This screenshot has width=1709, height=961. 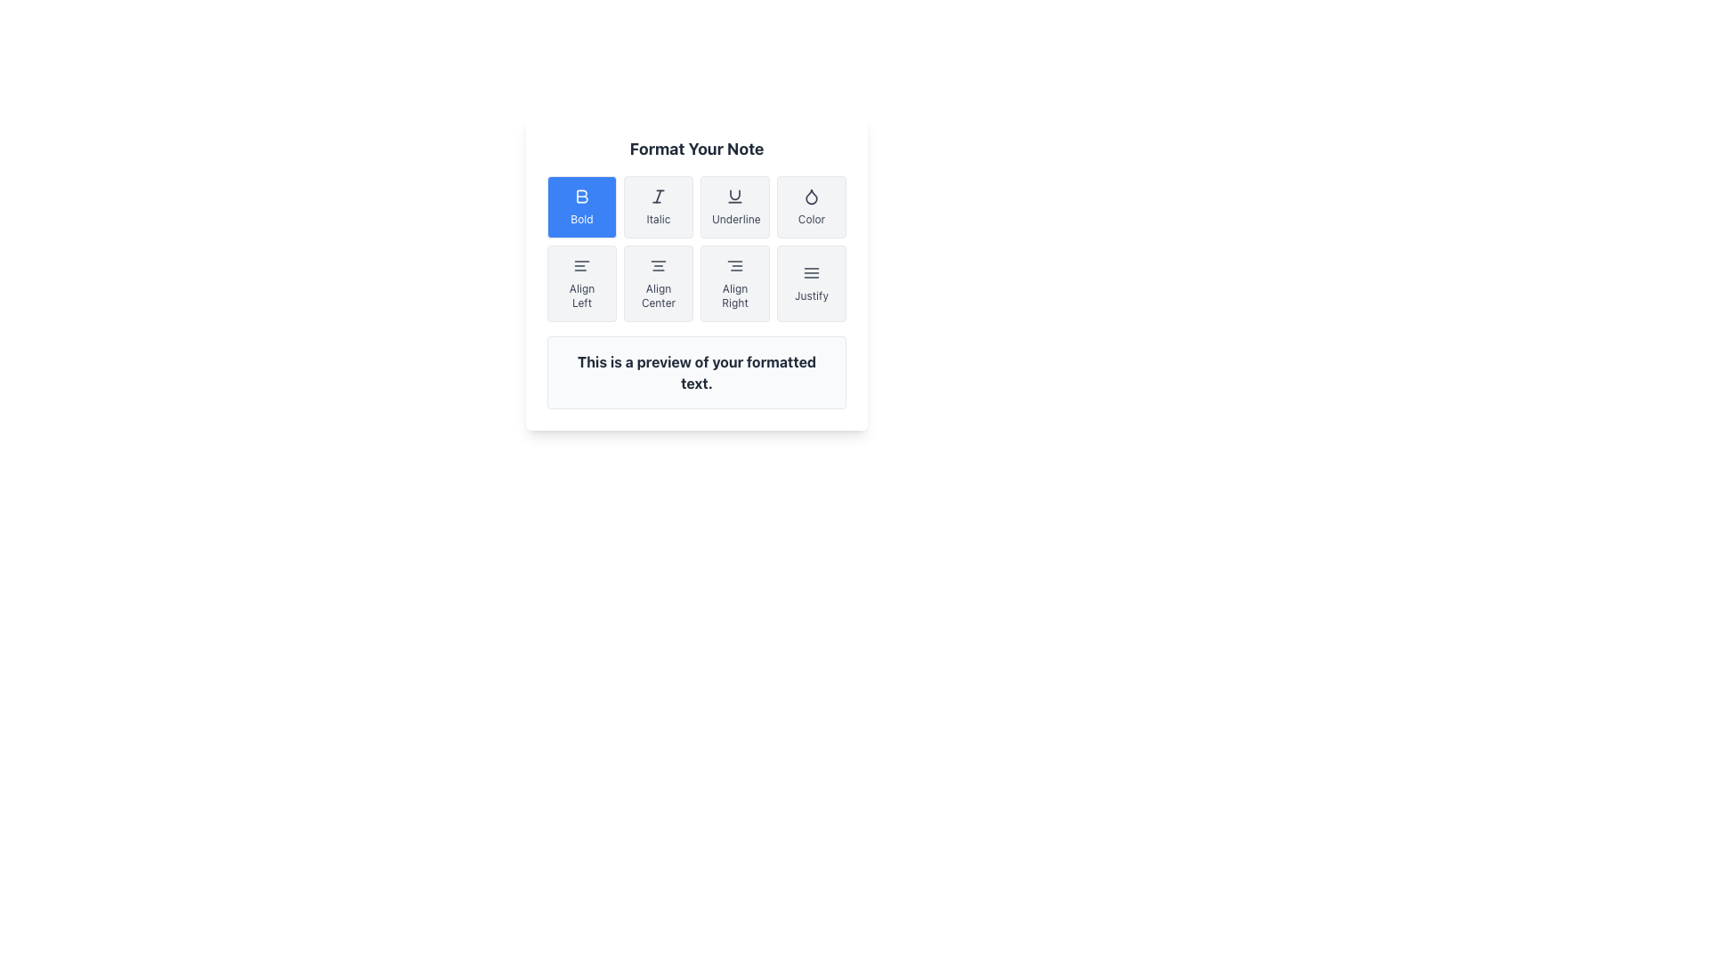 What do you see at coordinates (811, 283) in the screenshot?
I see `the text justification button located in the bottom-right cell of the formatting options grid to justify the selected text or paragraph` at bounding box center [811, 283].